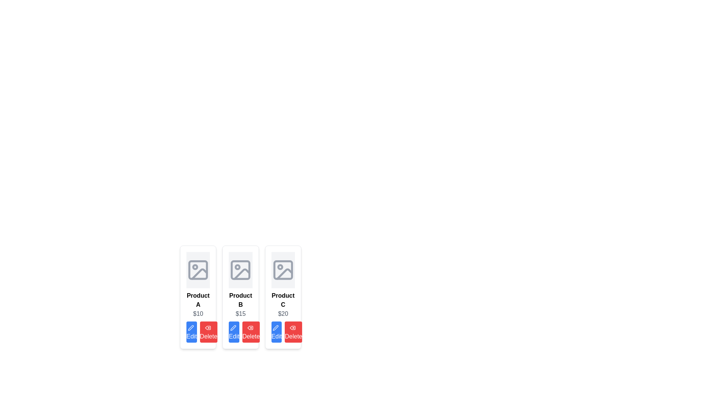 The height and width of the screenshot is (408, 726). I want to click on the 'Edit' button located in the product card, which is positioned to the left of the 'Delete' button, to change its background color, so click(191, 332).